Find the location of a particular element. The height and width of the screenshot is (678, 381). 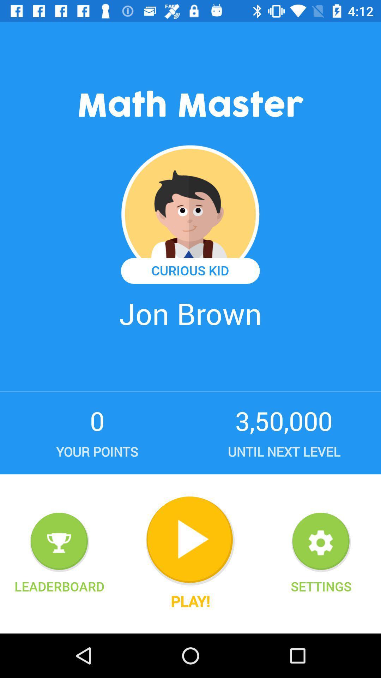

movie is located at coordinates (190, 541).